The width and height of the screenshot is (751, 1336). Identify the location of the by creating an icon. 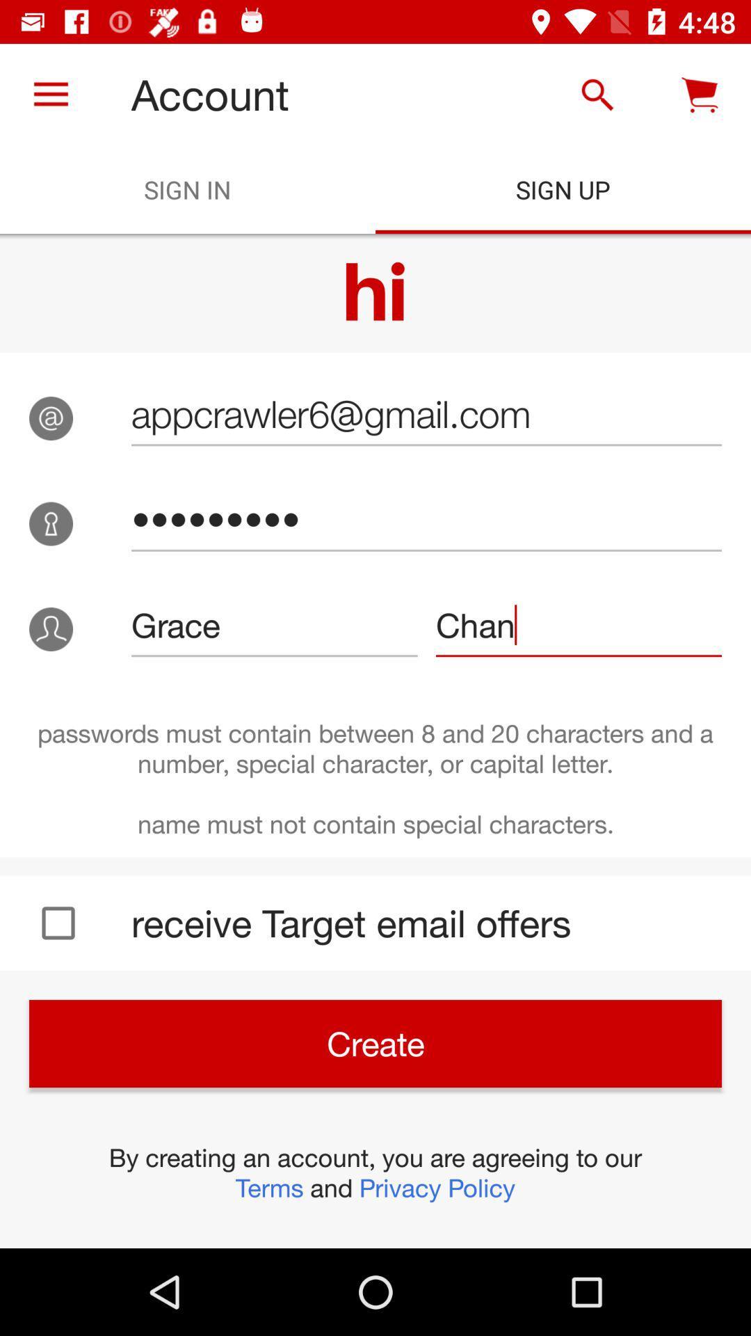
(375, 1172).